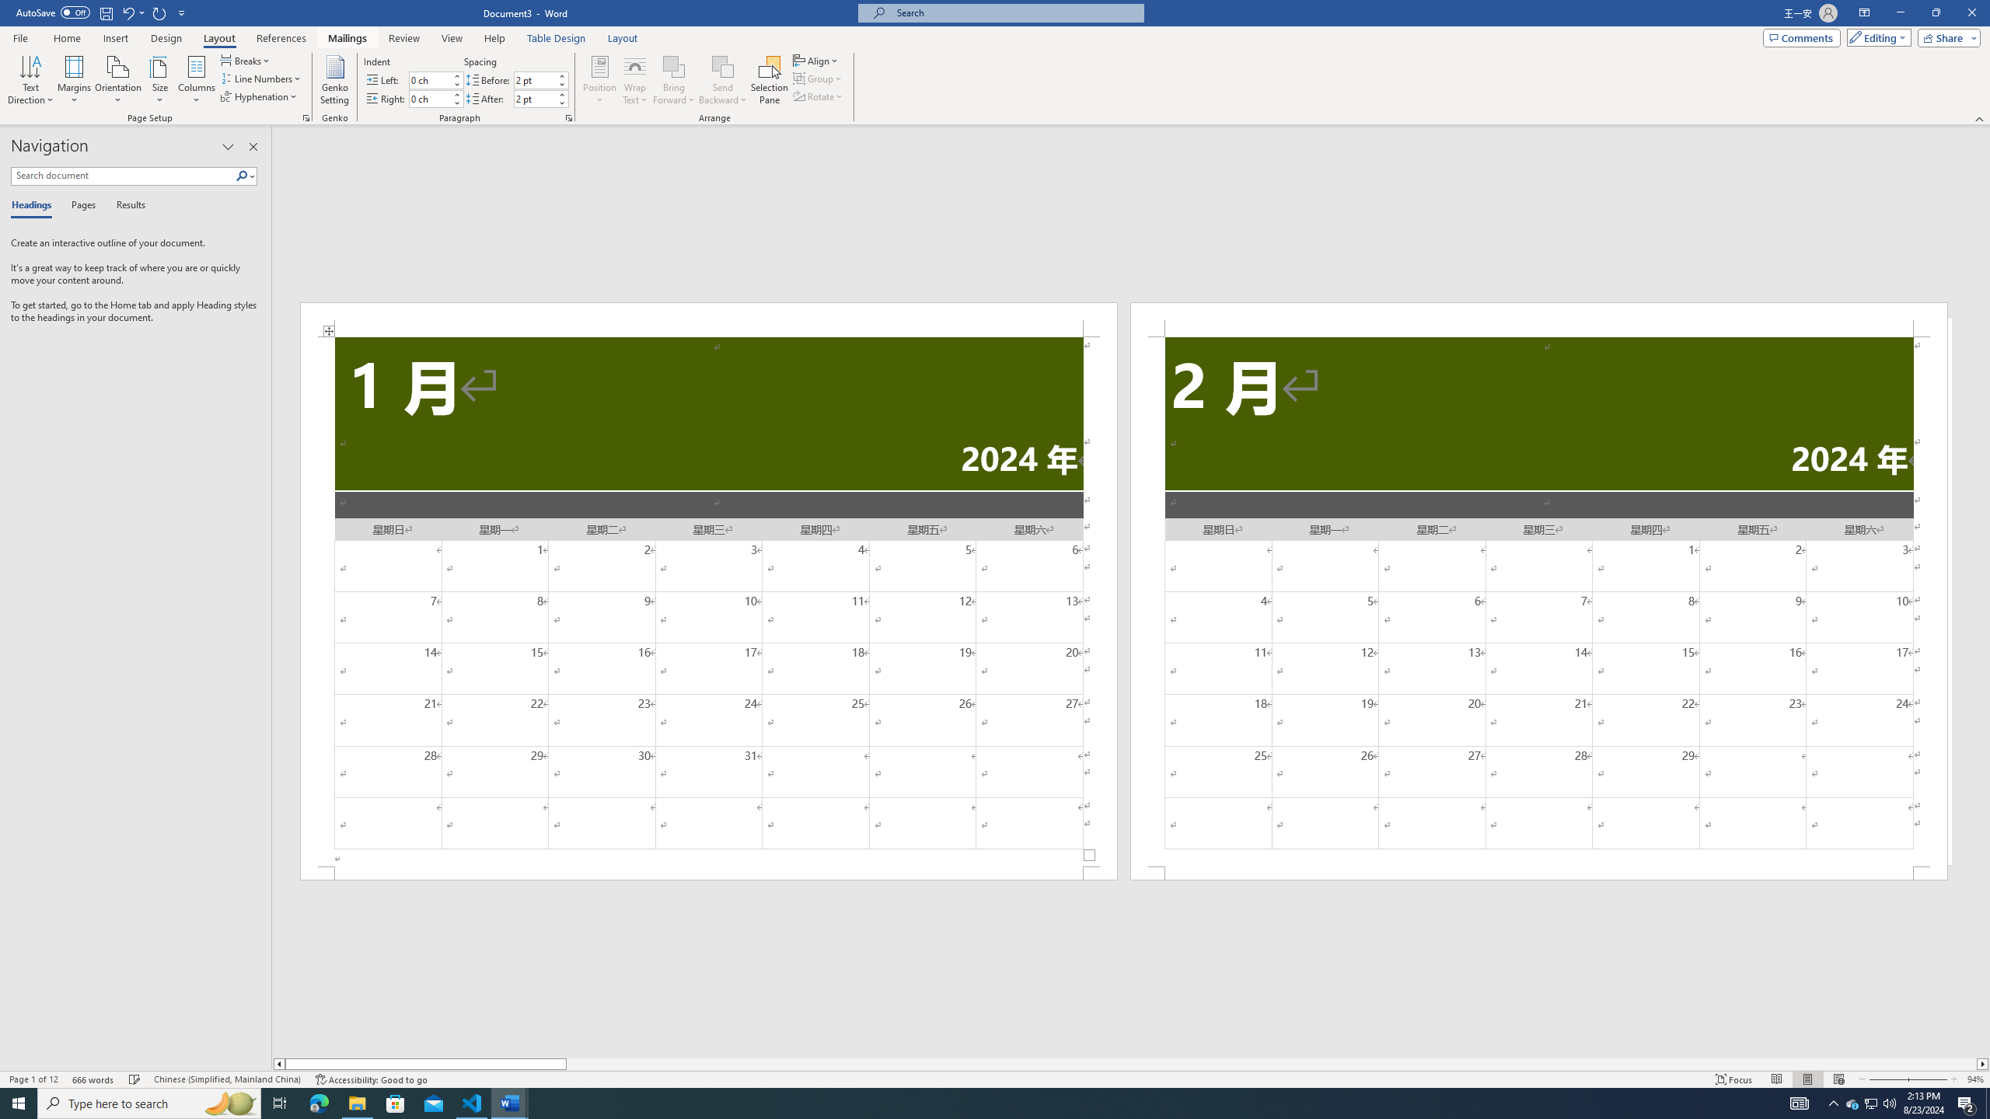 The image size is (1990, 1119). I want to click on 'Selection Pane...', so click(770, 80).